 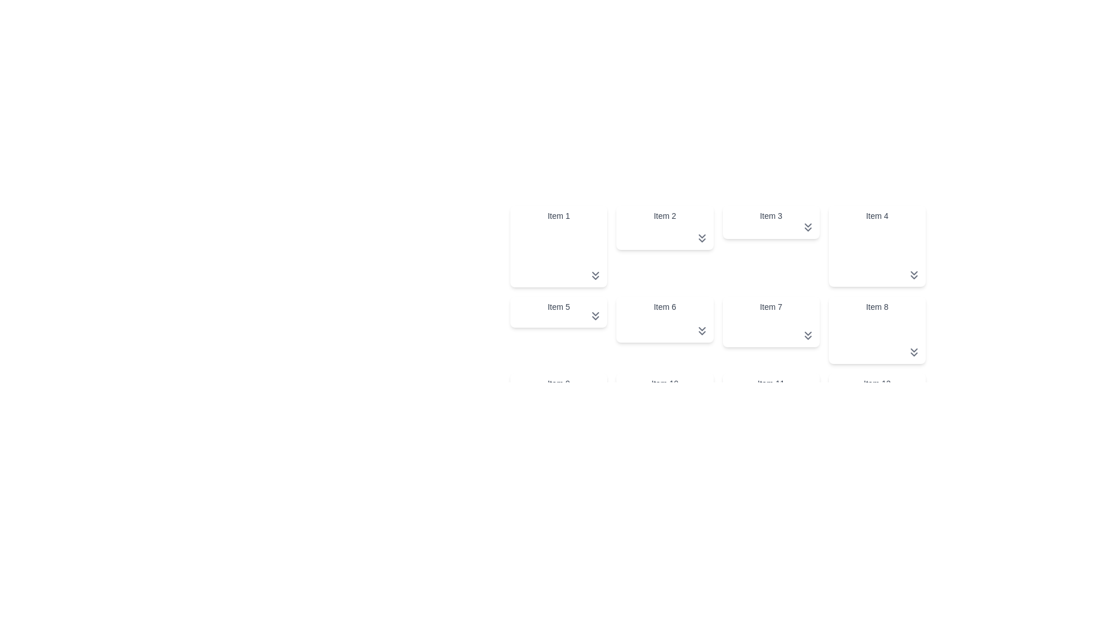 What do you see at coordinates (876, 408) in the screenshot?
I see `the 'Item 12' card located in the bottom-right corner of the grid layout` at bounding box center [876, 408].